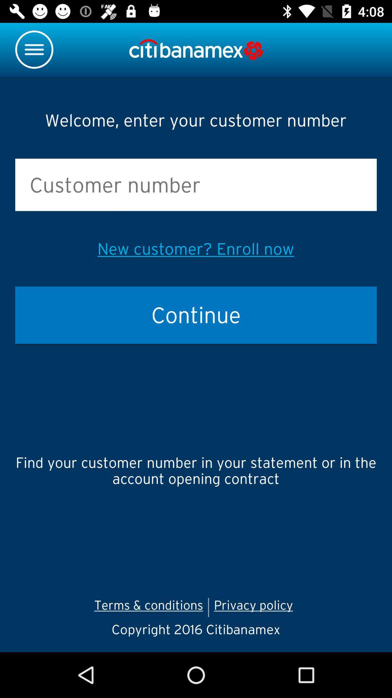  I want to click on icon above the copyright 2016 citibanamex item, so click(148, 607).